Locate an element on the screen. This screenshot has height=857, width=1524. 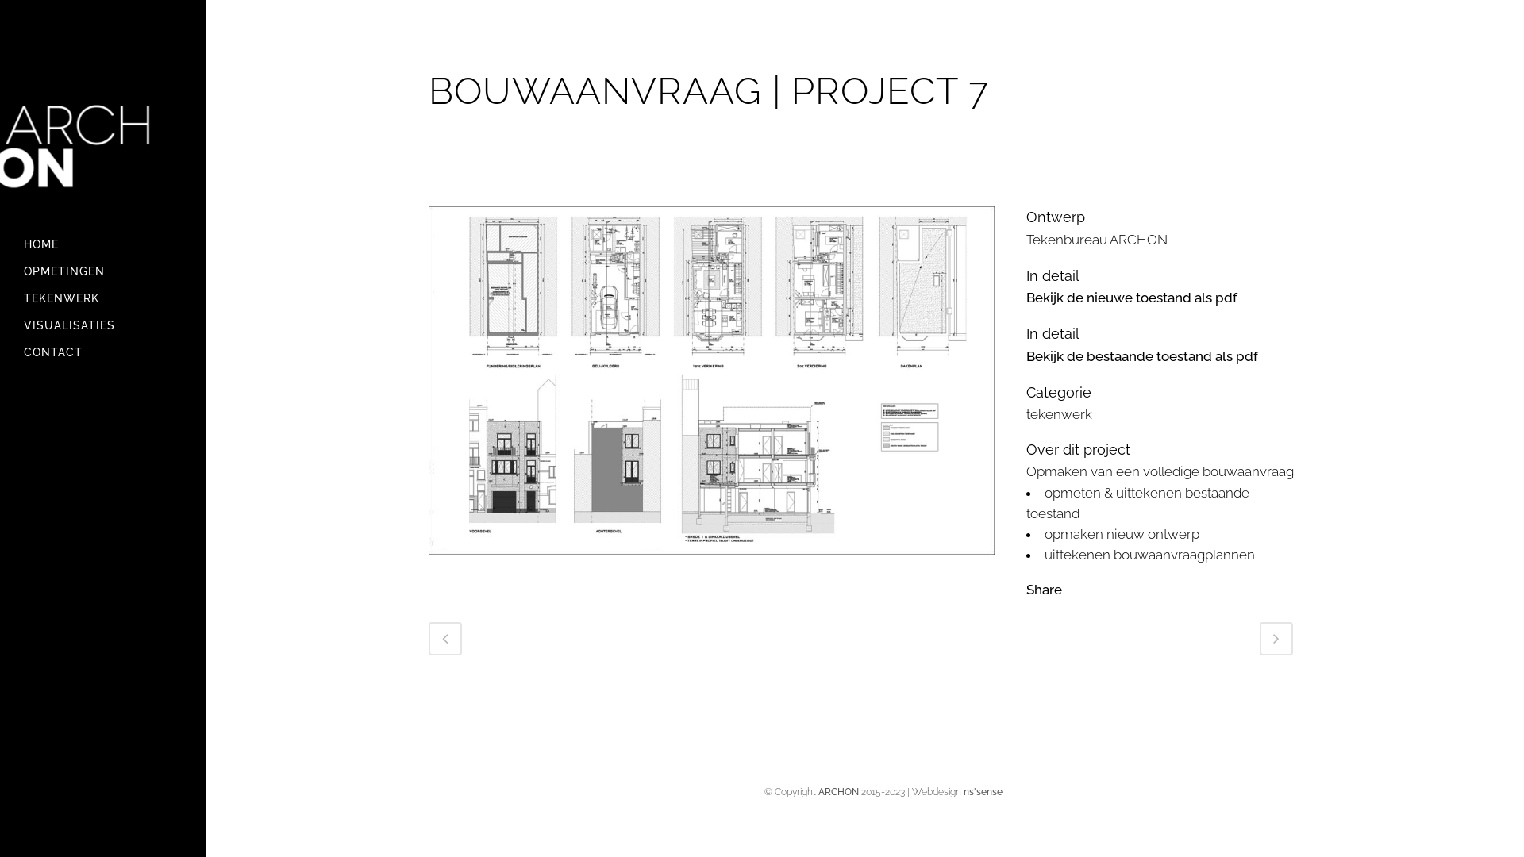
'HOME' is located at coordinates (102, 244).